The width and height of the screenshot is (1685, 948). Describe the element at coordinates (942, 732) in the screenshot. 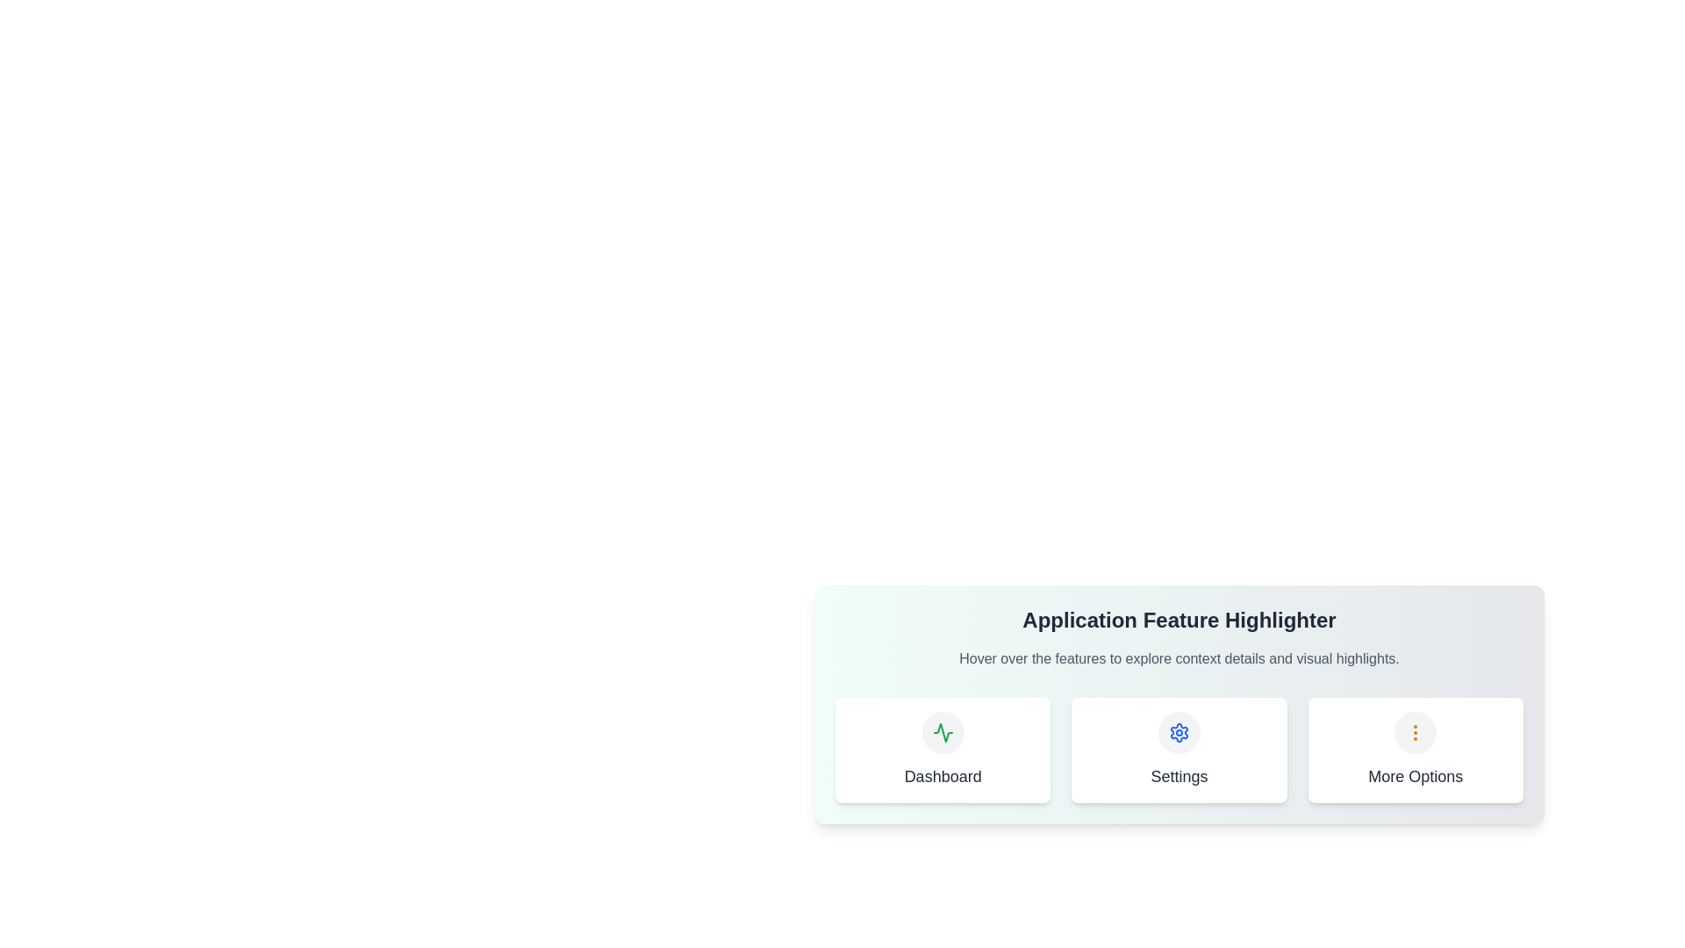

I see `the green waveform-like activity indicator icon located inside the 'Dashboard' button` at that location.